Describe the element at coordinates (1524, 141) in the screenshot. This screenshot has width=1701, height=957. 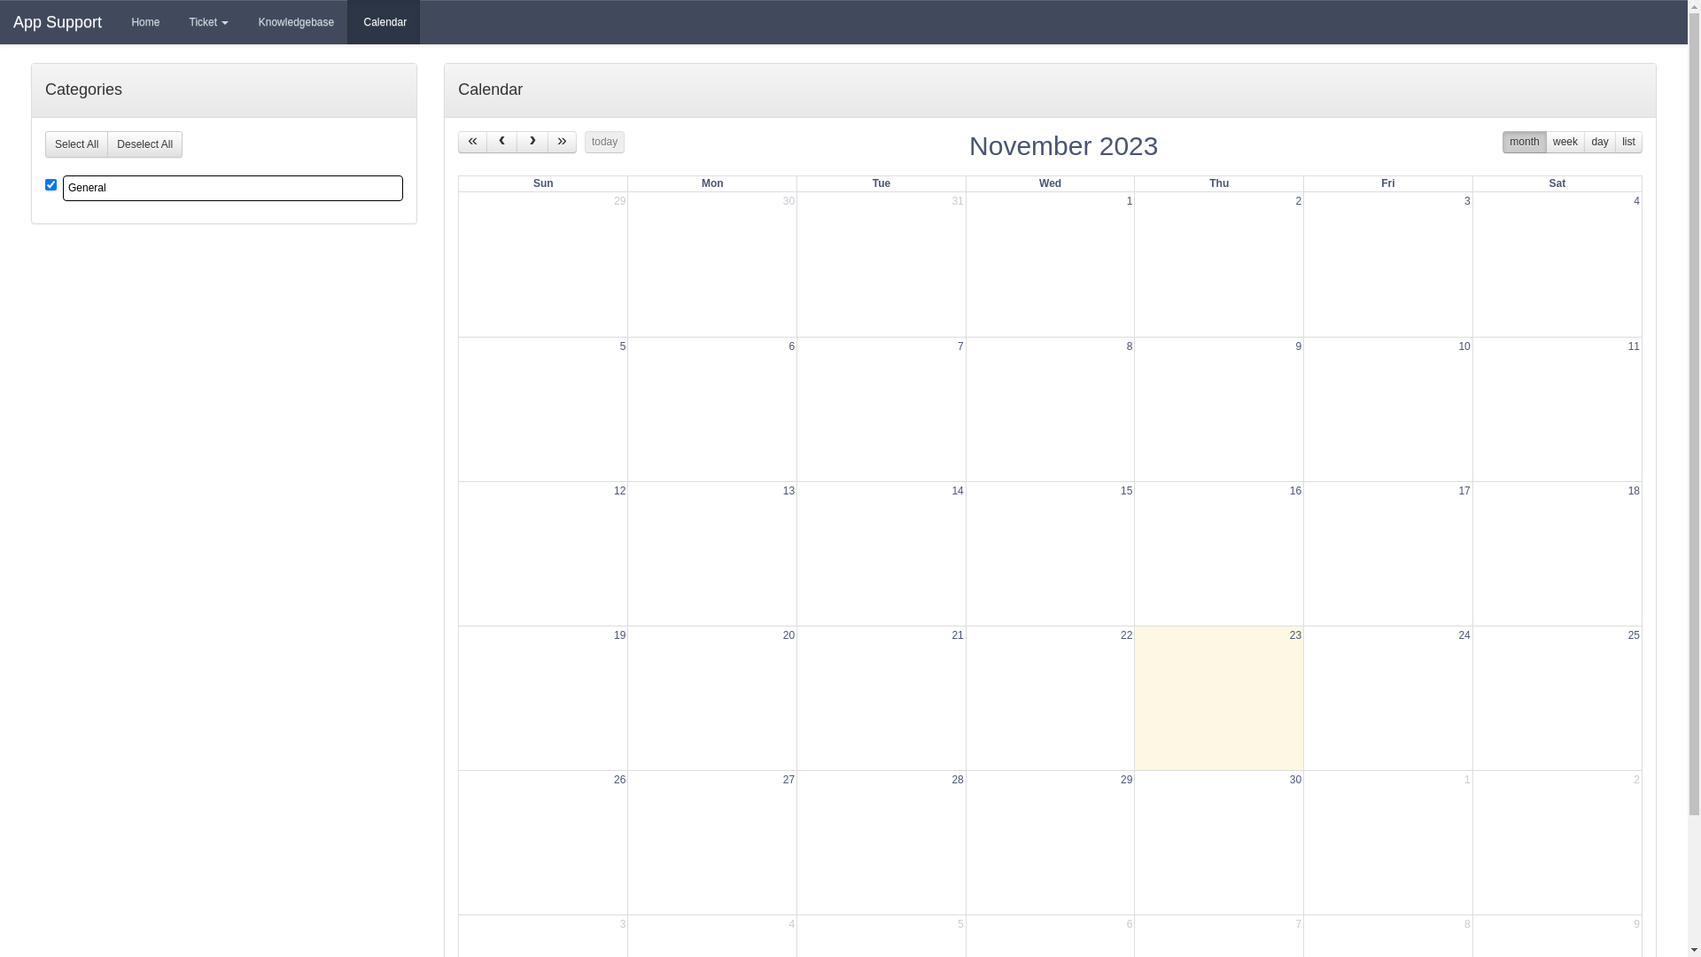
I see `'month'` at that location.